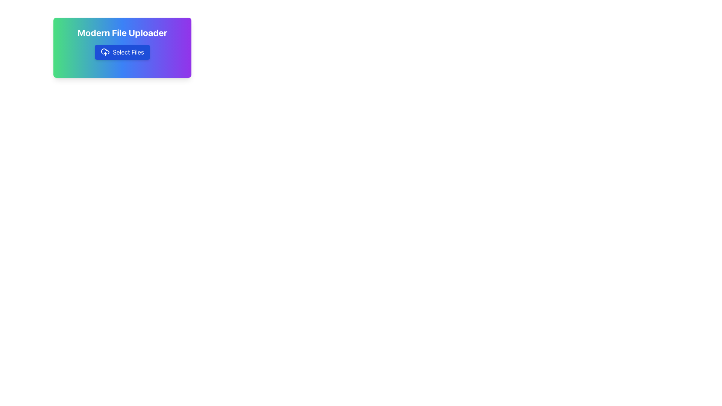 The width and height of the screenshot is (722, 406). Describe the element at coordinates (122, 48) in the screenshot. I see `the prominent card with a gradient background that features 'Modern File Uploader' in bold white text and a blue button labeled 'Select Files'` at that location.